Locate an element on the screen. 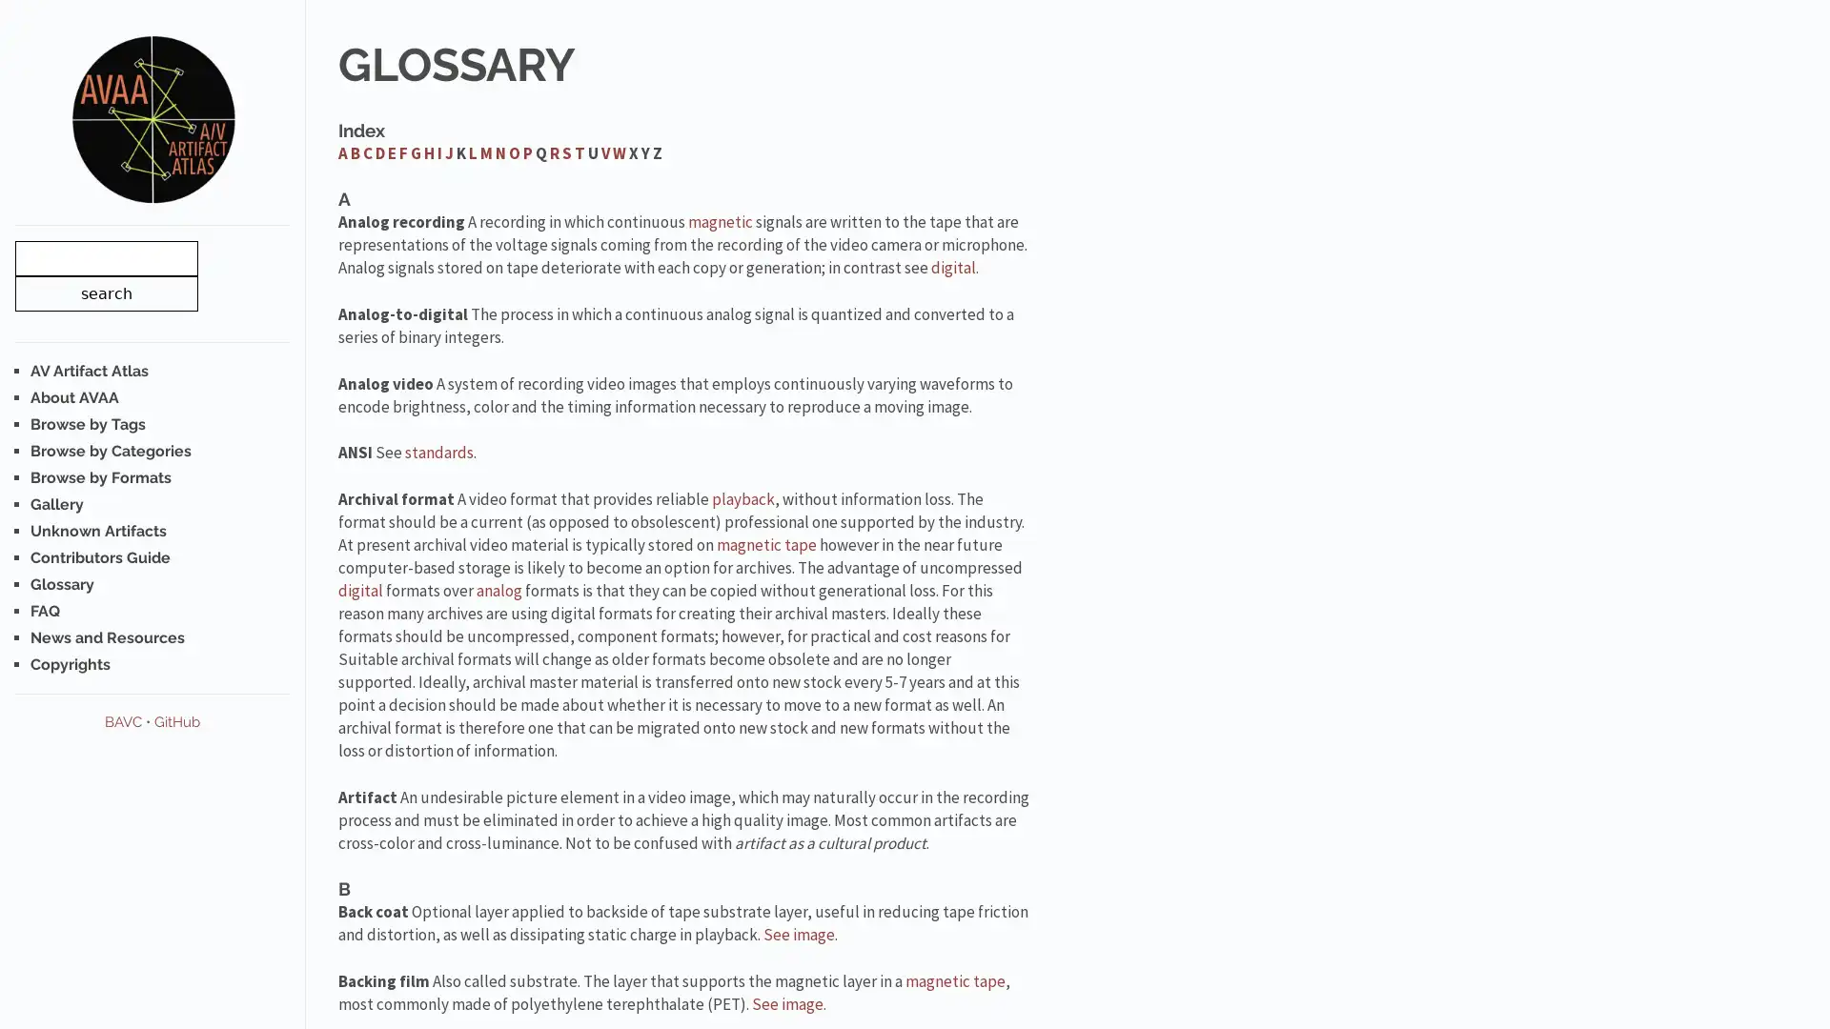 The height and width of the screenshot is (1029, 1830). search is located at coordinates (105, 293).